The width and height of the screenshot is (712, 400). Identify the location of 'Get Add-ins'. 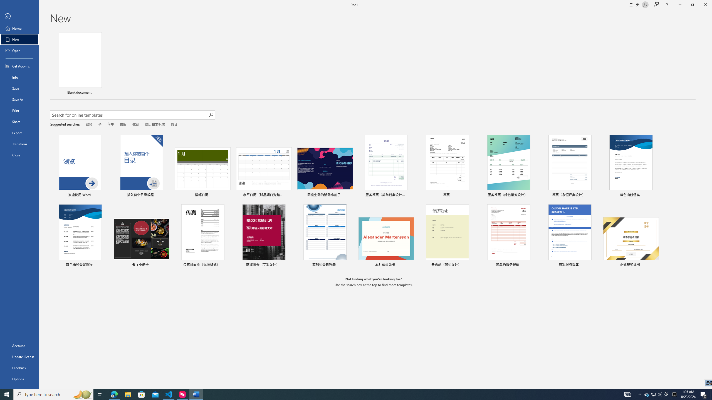
(19, 66).